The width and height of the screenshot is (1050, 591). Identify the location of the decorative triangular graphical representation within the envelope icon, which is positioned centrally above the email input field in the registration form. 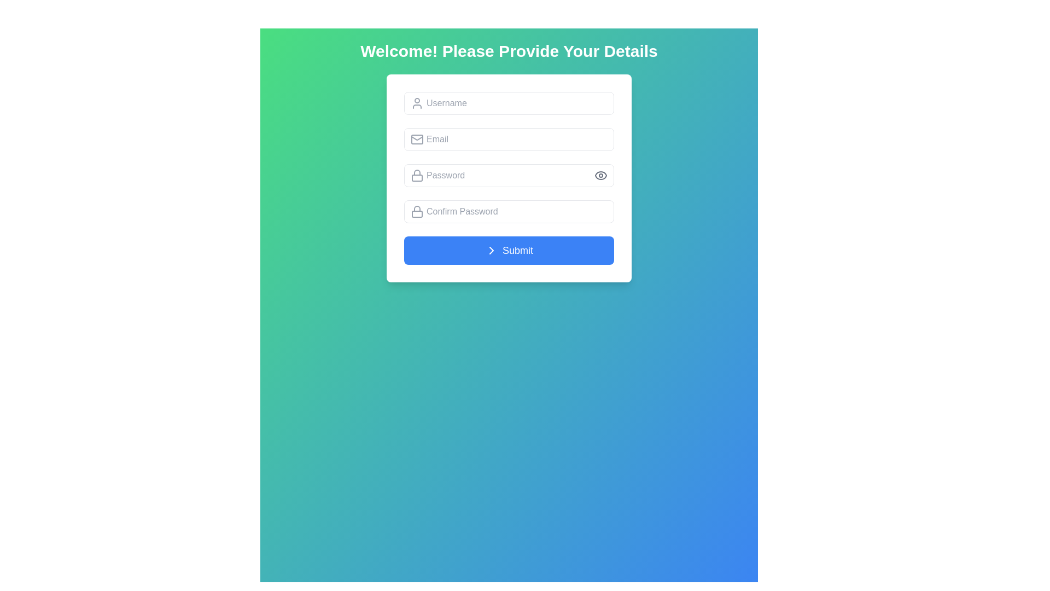
(417, 137).